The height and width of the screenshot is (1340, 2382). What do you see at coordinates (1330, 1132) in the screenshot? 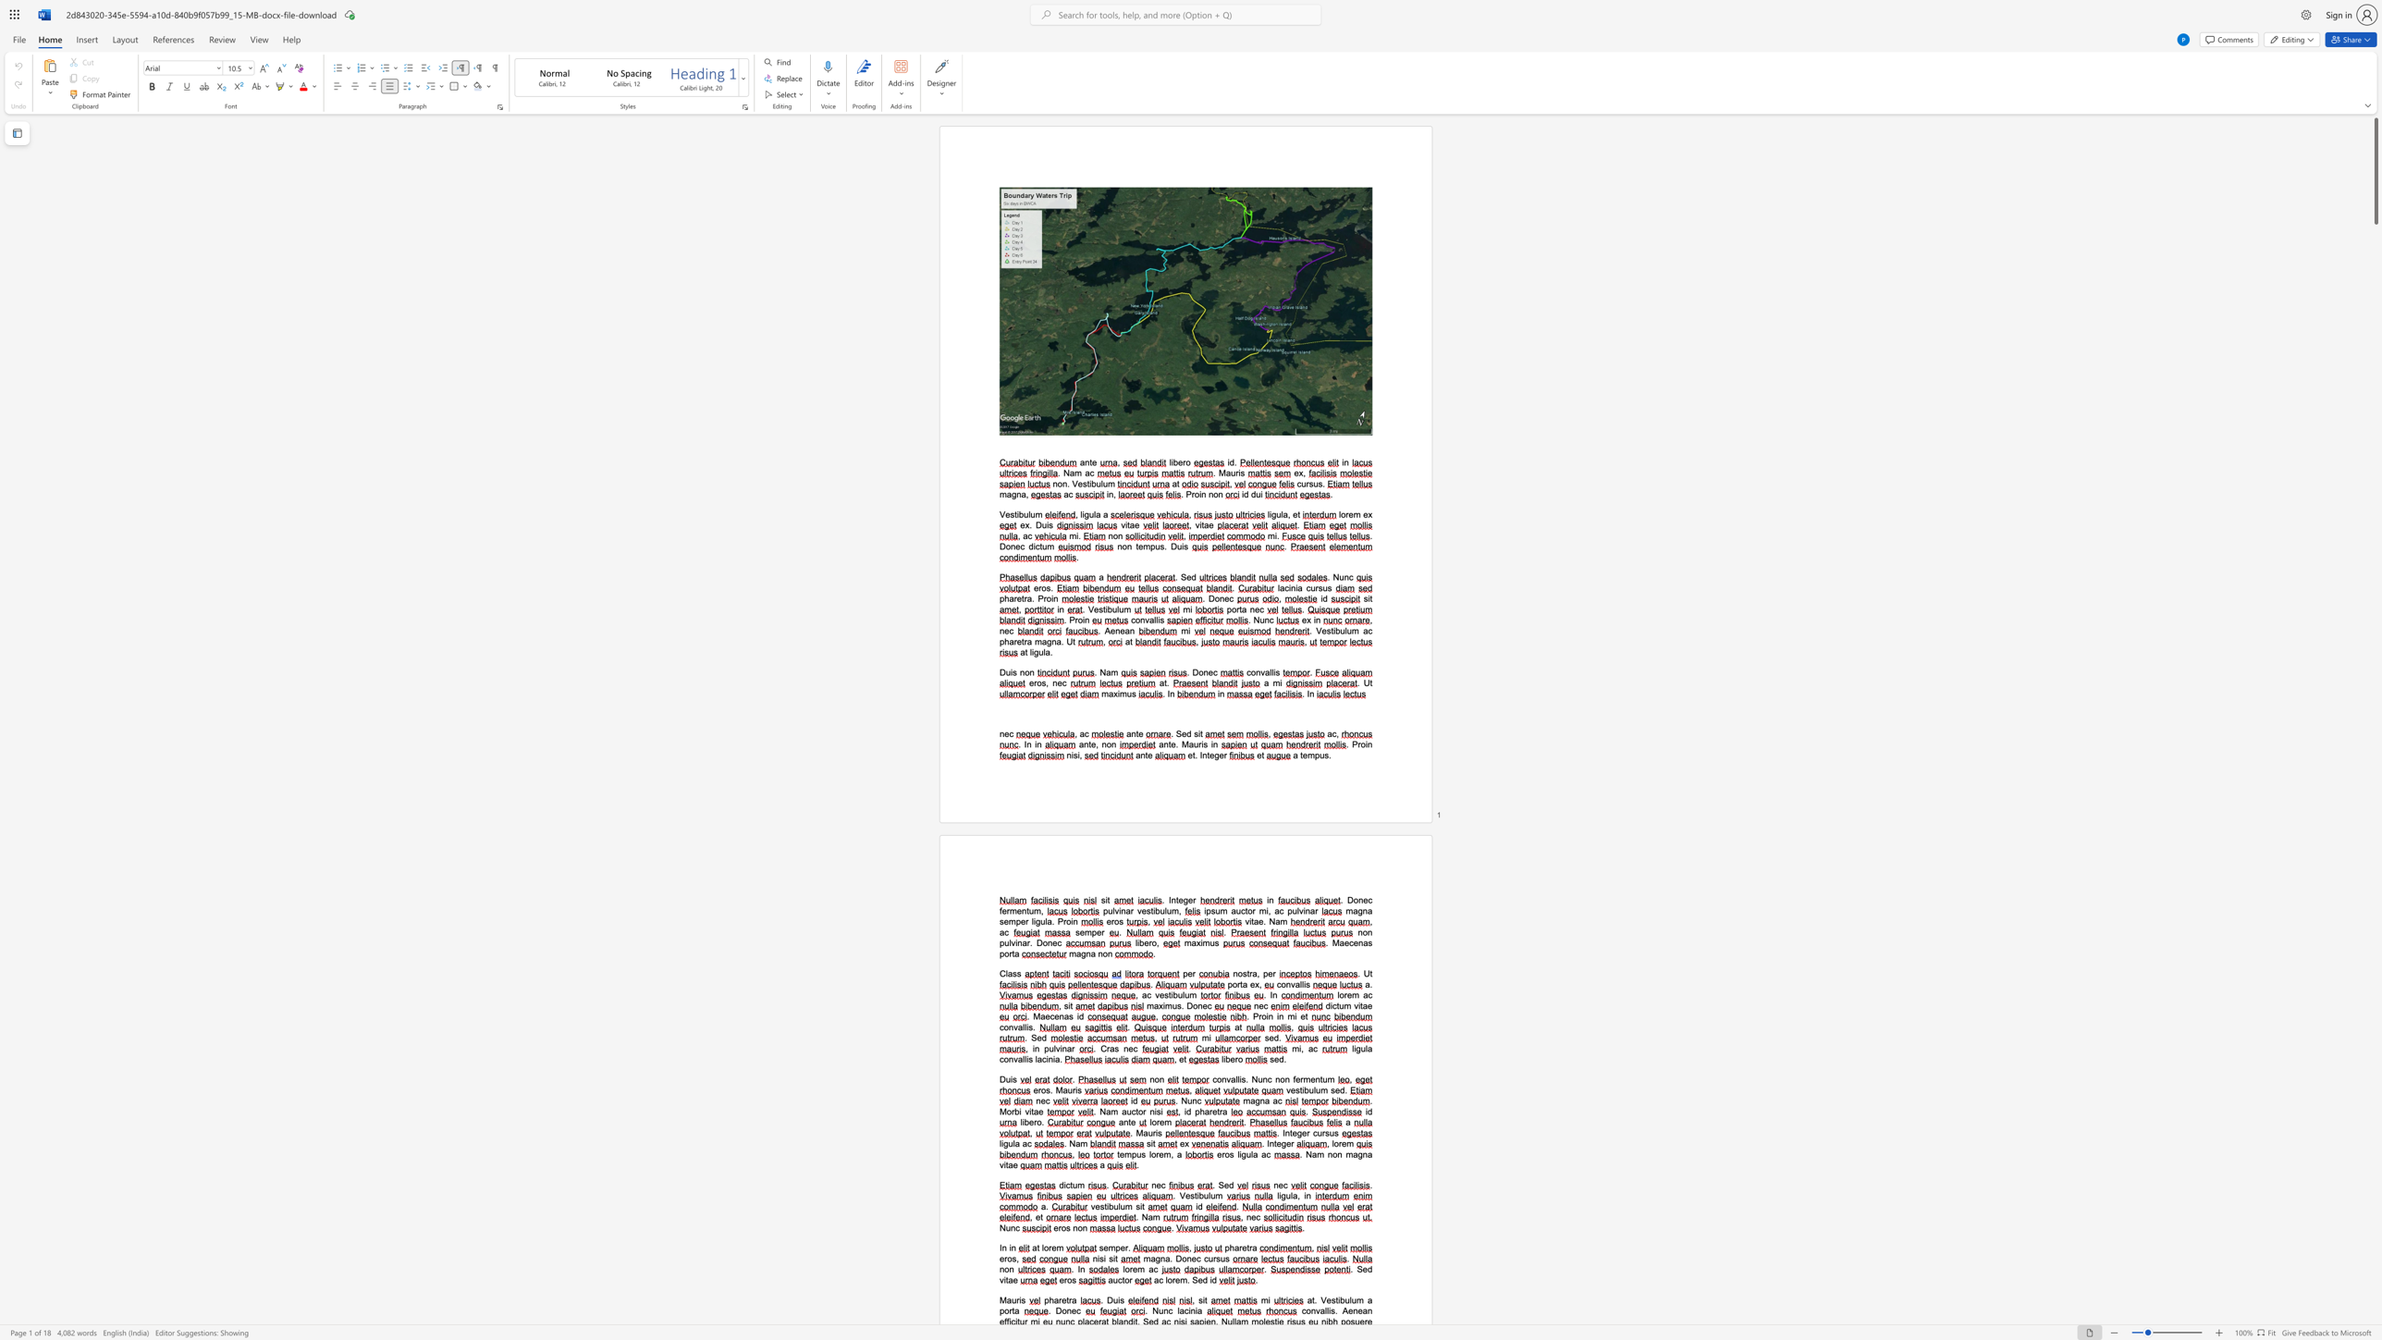
I see `the space between the continuous character "s" and "u" in the text` at bounding box center [1330, 1132].